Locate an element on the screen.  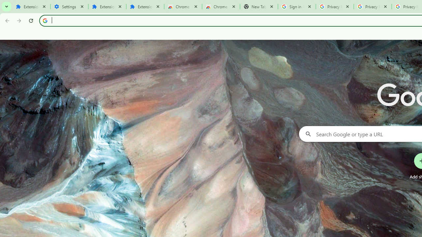
'Extensions' is located at coordinates (107, 7).